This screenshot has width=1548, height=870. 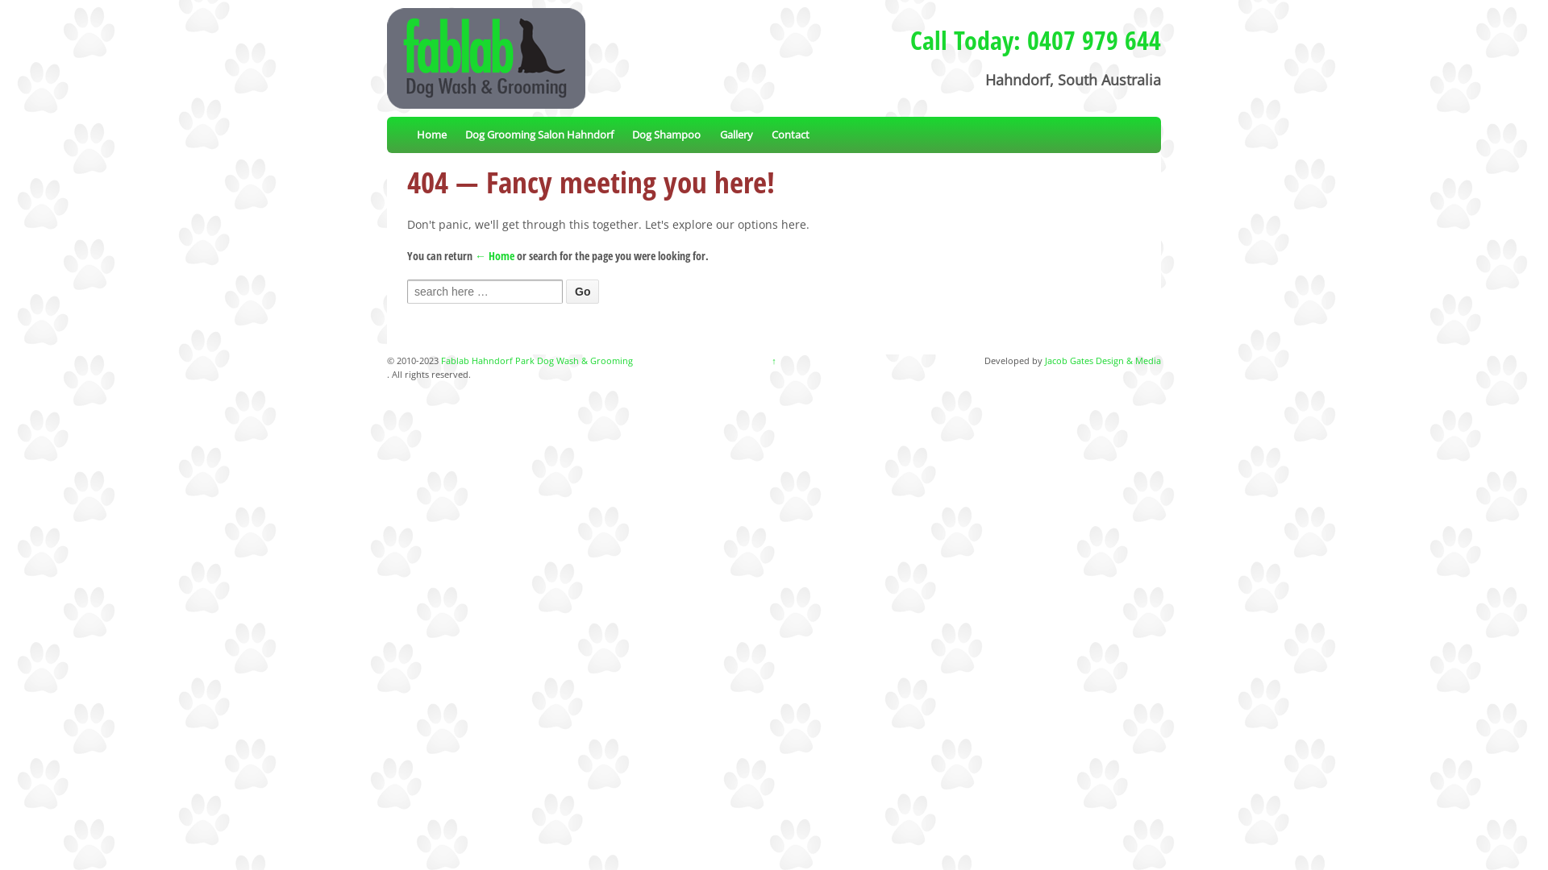 I want to click on 'Gallery', so click(x=734, y=134).